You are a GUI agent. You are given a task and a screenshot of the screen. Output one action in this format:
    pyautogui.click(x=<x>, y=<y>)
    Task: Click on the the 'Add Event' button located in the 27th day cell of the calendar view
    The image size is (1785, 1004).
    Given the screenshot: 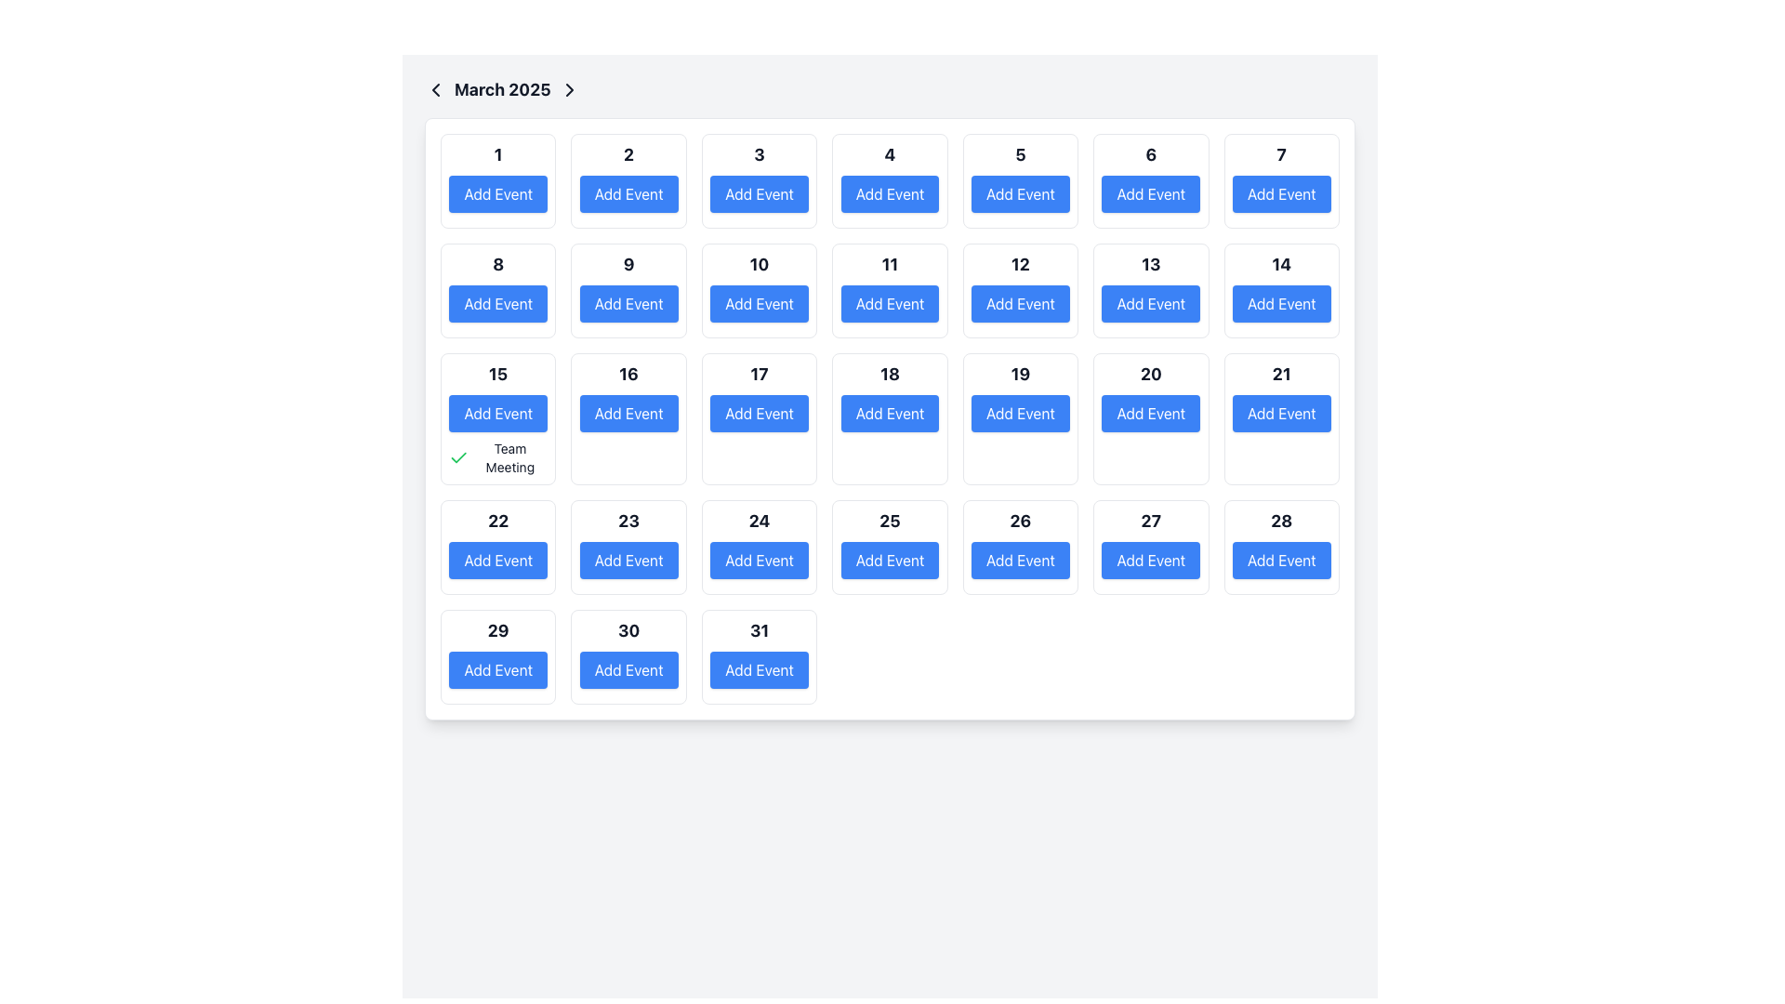 What is the action you would take?
    pyautogui.click(x=1150, y=547)
    